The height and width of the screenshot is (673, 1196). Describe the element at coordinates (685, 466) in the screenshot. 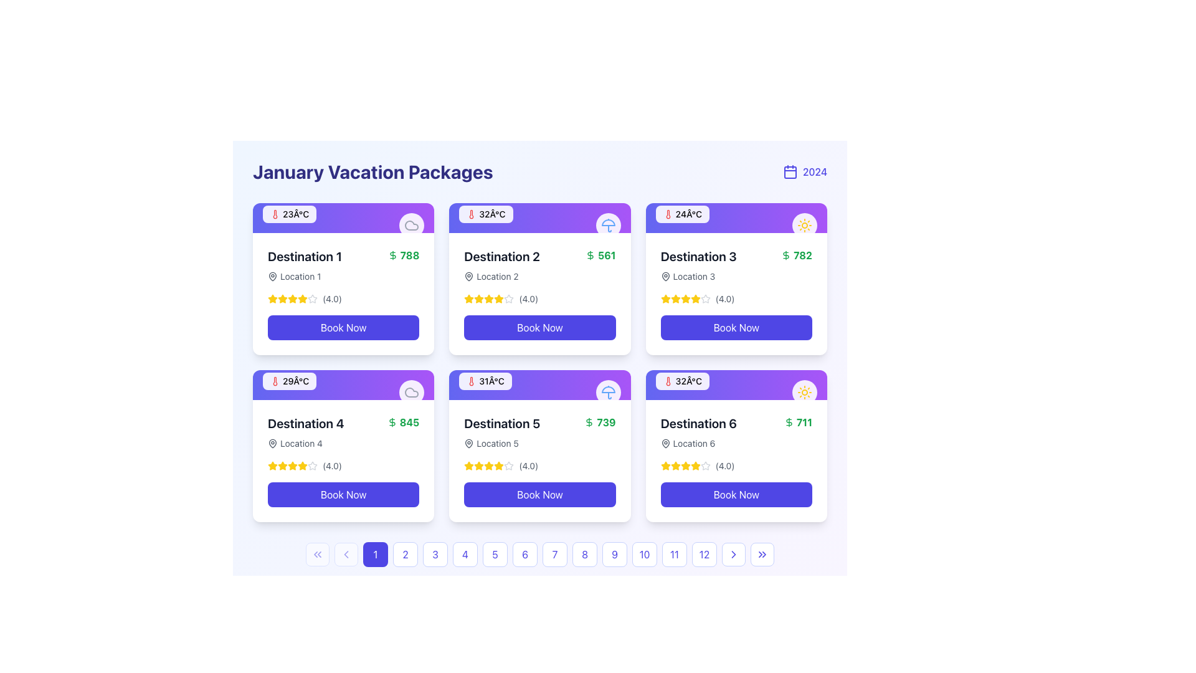

I see `the third star icon in the rating system for 'Destination 6', which is visually represented by a filled yellow star symbol` at that location.